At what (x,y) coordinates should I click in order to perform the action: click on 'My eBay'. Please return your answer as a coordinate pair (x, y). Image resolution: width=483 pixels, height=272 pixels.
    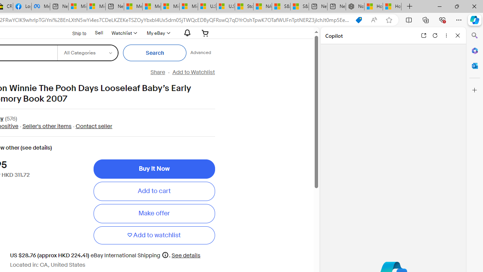
    Looking at the image, I should click on (157, 32).